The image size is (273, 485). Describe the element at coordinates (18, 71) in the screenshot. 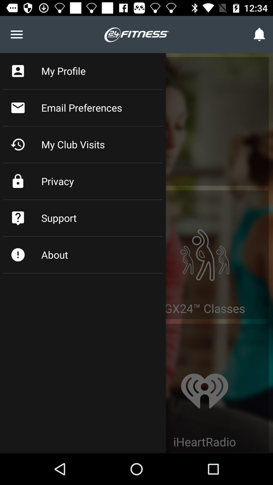

I see `the icon left to the my profile` at that location.